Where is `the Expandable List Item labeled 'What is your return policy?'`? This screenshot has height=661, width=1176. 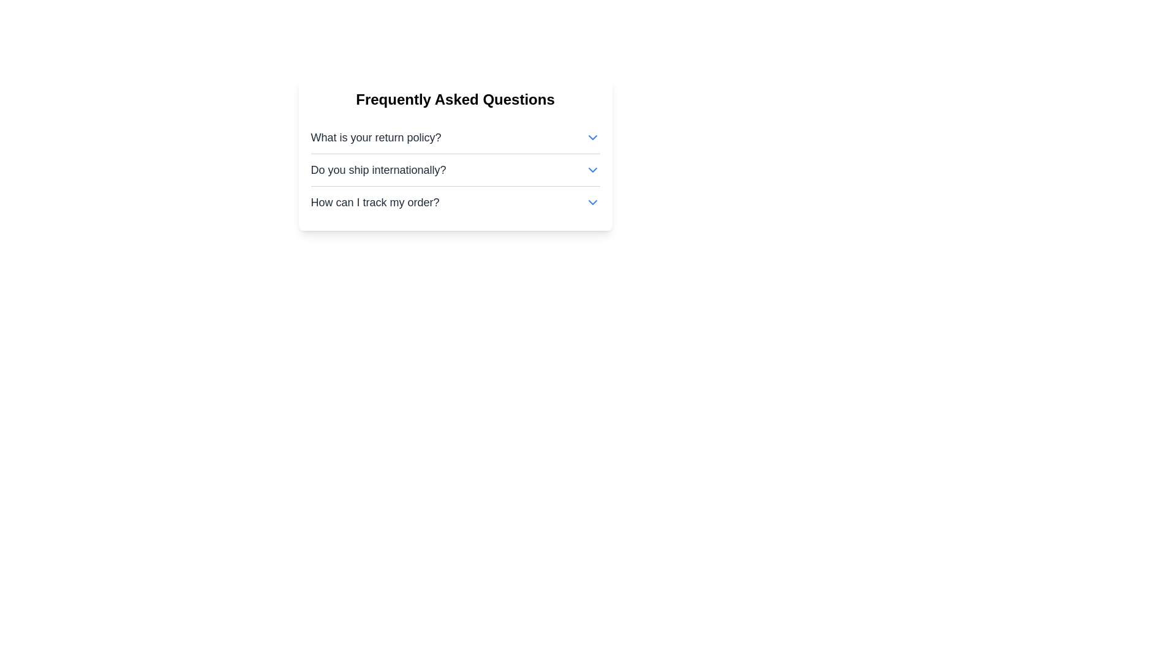 the Expandable List Item labeled 'What is your return policy?' is located at coordinates (454, 137).